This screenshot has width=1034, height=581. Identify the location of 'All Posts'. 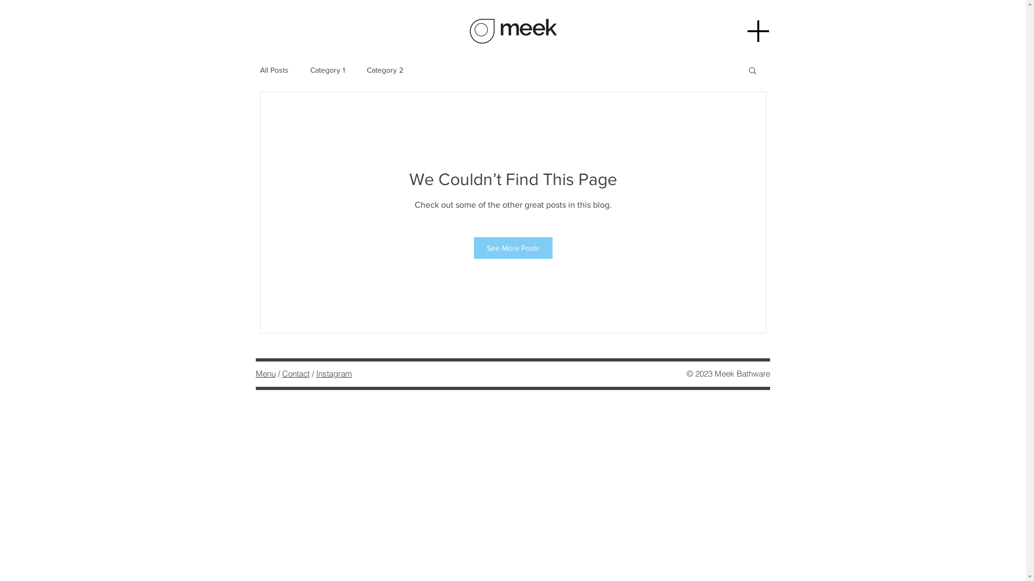
(274, 70).